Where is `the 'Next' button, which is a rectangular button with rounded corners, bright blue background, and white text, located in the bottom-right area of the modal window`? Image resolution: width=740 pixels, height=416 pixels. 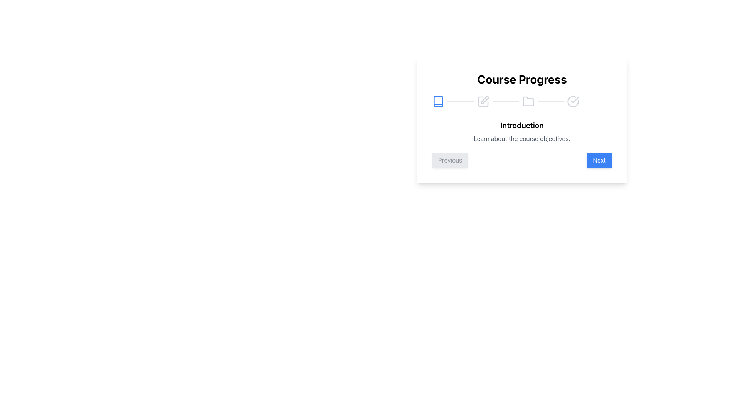 the 'Next' button, which is a rectangular button with rounded corners, bright blue background, and white text, located in the bottom-right area of the modal window is located at coordinates (599, 160).